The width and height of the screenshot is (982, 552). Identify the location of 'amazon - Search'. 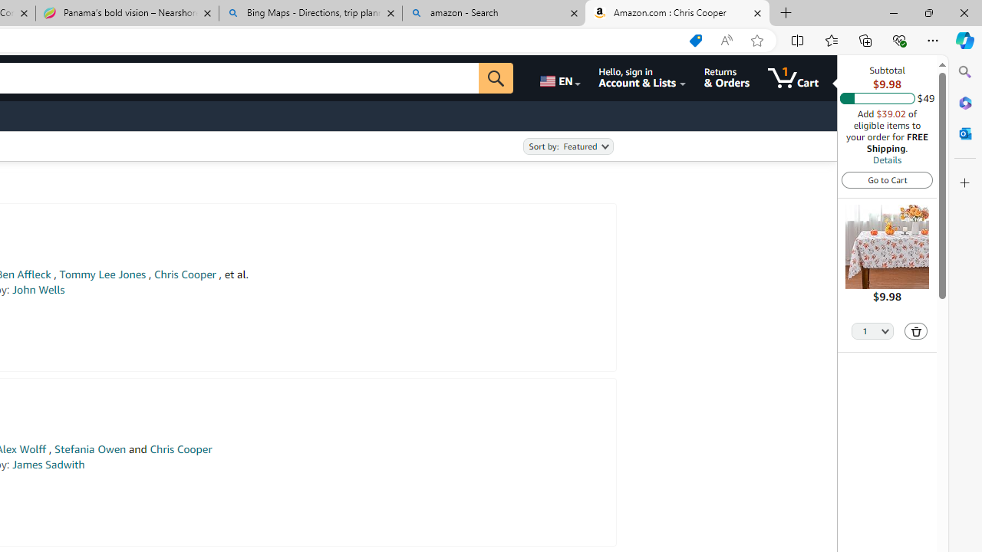
(493, 13).